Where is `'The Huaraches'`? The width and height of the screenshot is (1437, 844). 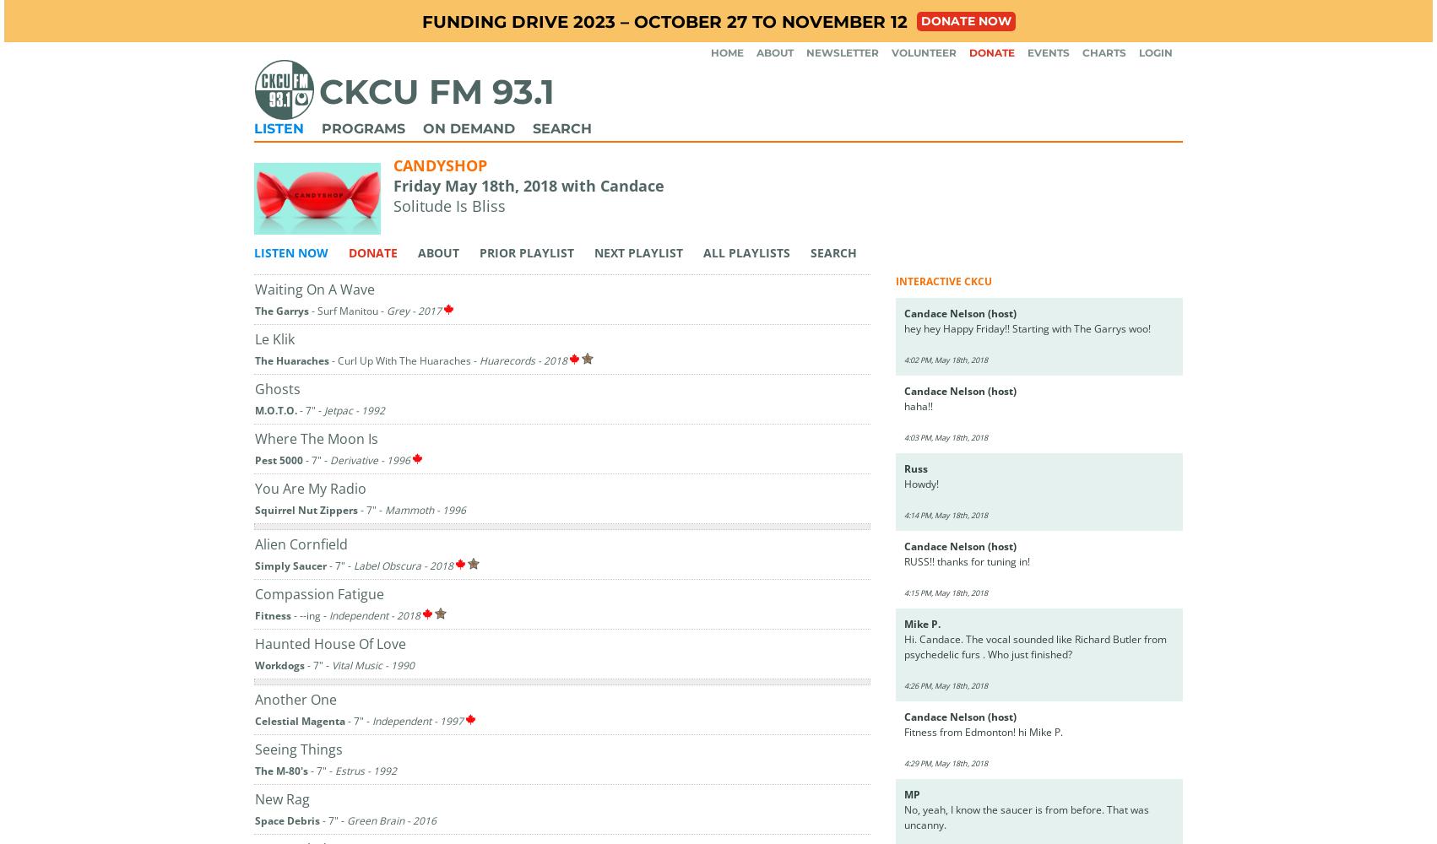
'The Huaraches' is located at coordinates (292, 360).